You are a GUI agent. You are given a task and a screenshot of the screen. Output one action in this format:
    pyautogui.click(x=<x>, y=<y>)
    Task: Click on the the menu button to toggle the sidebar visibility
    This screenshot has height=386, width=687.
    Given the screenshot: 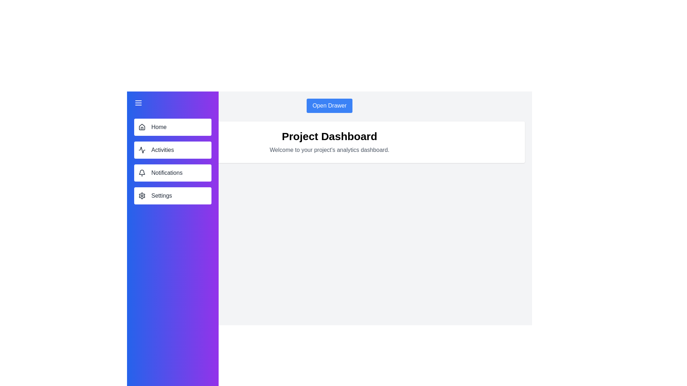 What is the action you would take?
    pyautogui.click(x=138, y=103)
    